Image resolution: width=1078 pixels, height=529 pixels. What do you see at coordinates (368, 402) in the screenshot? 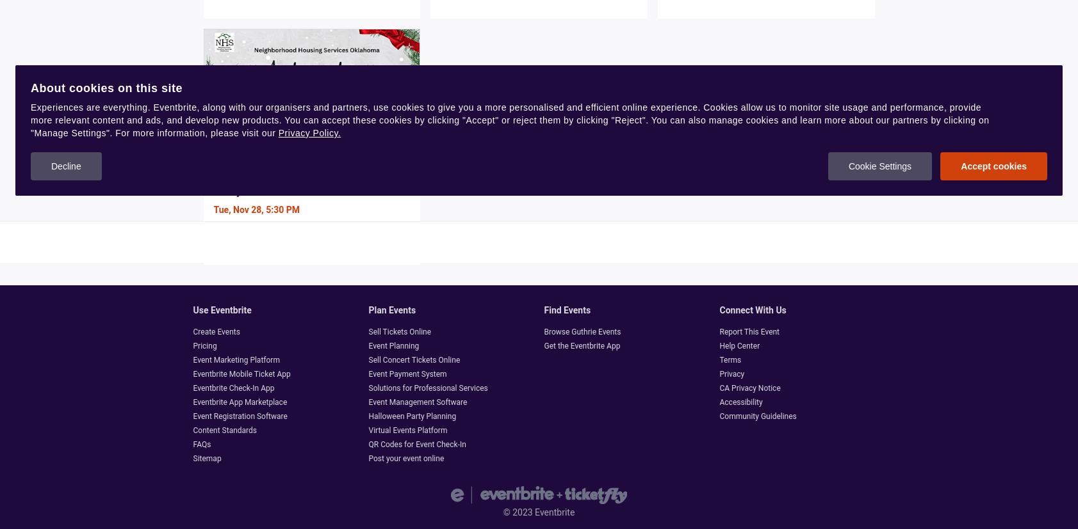
I see `'Event Management Software'` at bounding box center [368, 402].